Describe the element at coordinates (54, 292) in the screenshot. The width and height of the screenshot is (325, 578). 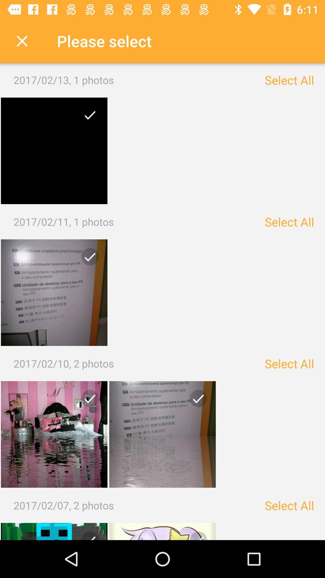
I see `picture` at that location.